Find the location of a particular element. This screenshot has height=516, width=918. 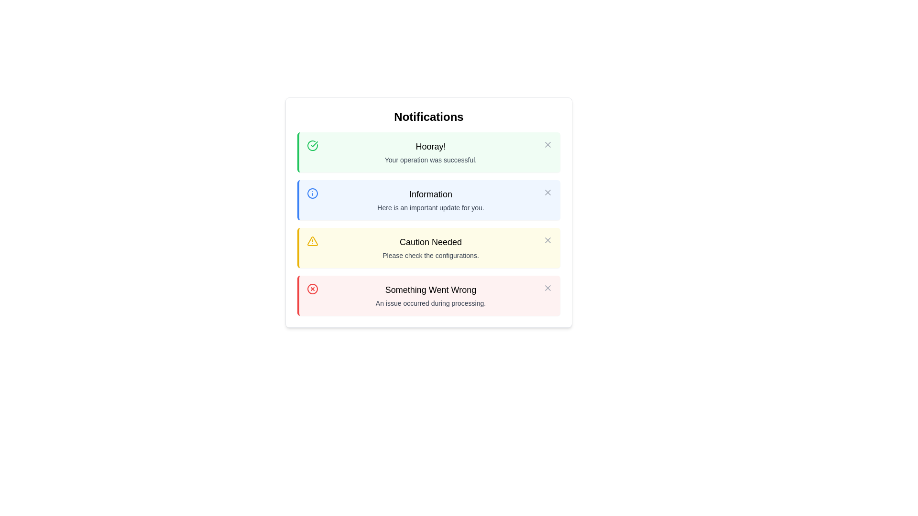

the cautionary note text in the third notification card with a yellow background, which follows the title 'Caution Needed.' is located at coordinates (430, 255).